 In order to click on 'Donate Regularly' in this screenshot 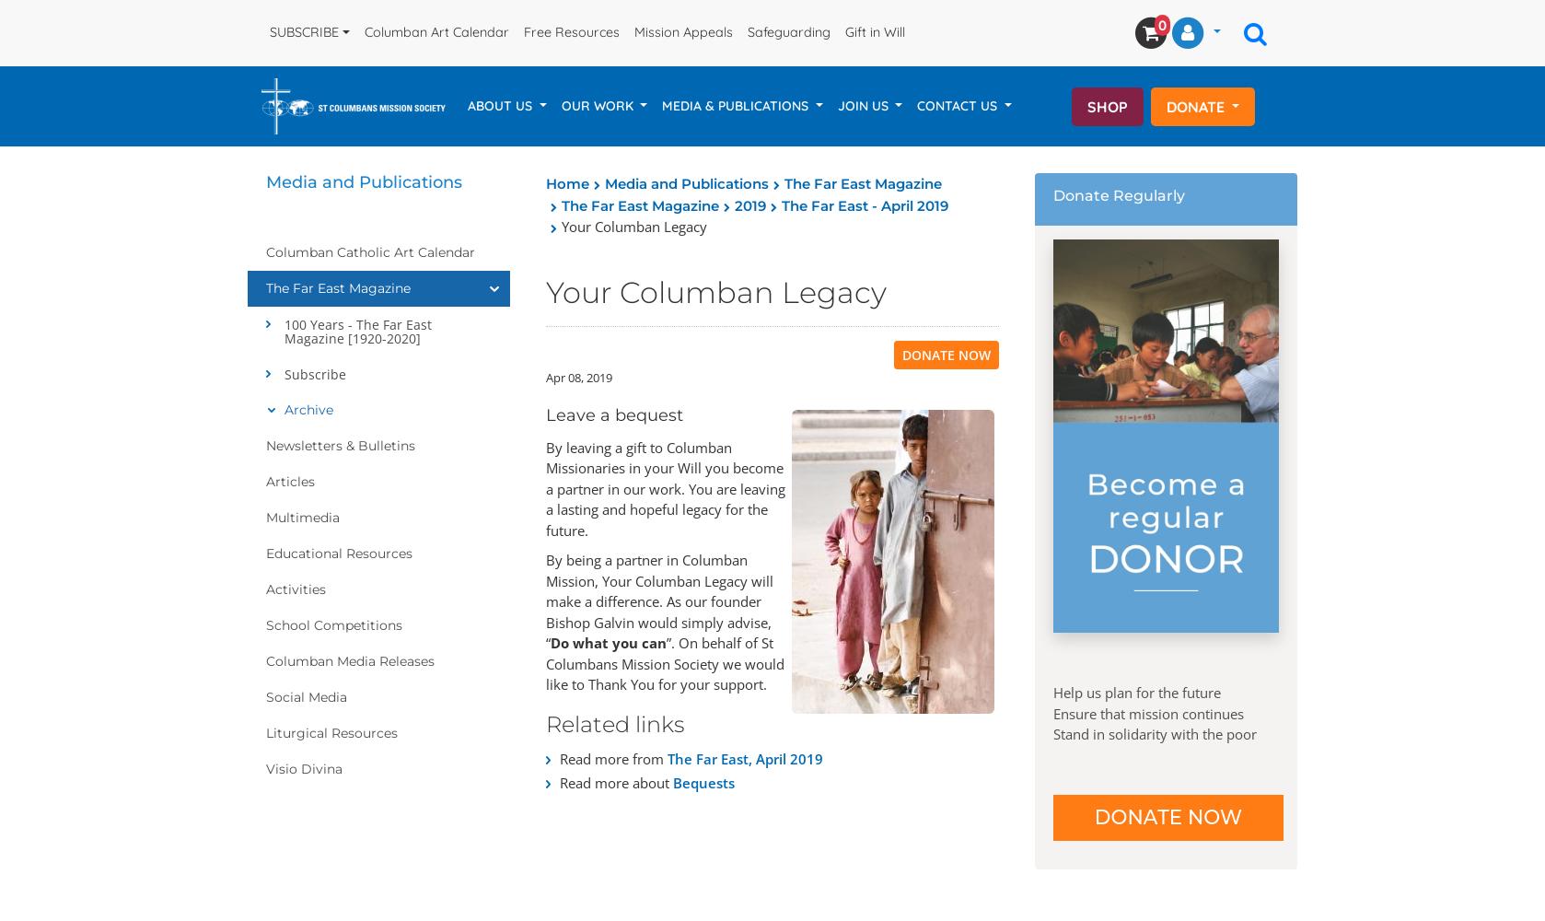, I will do `click(1119, 194)`.